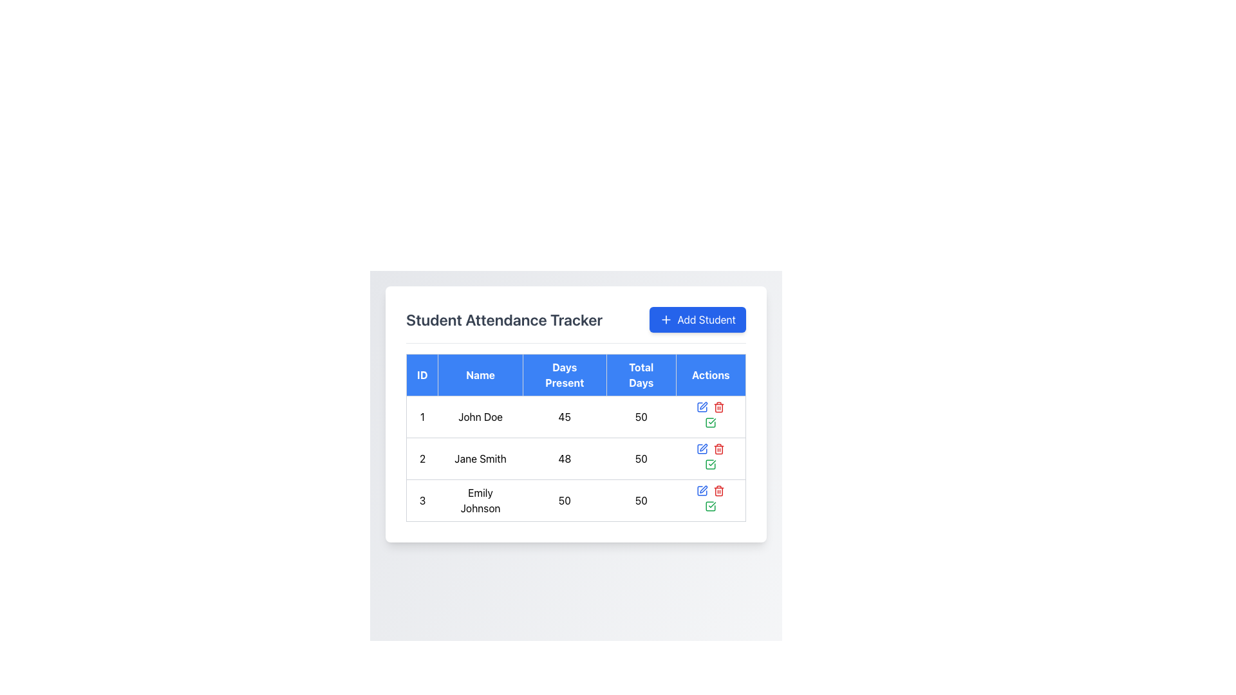  I want to click on the 'Total Days' column header in the table, so click(641, 375).